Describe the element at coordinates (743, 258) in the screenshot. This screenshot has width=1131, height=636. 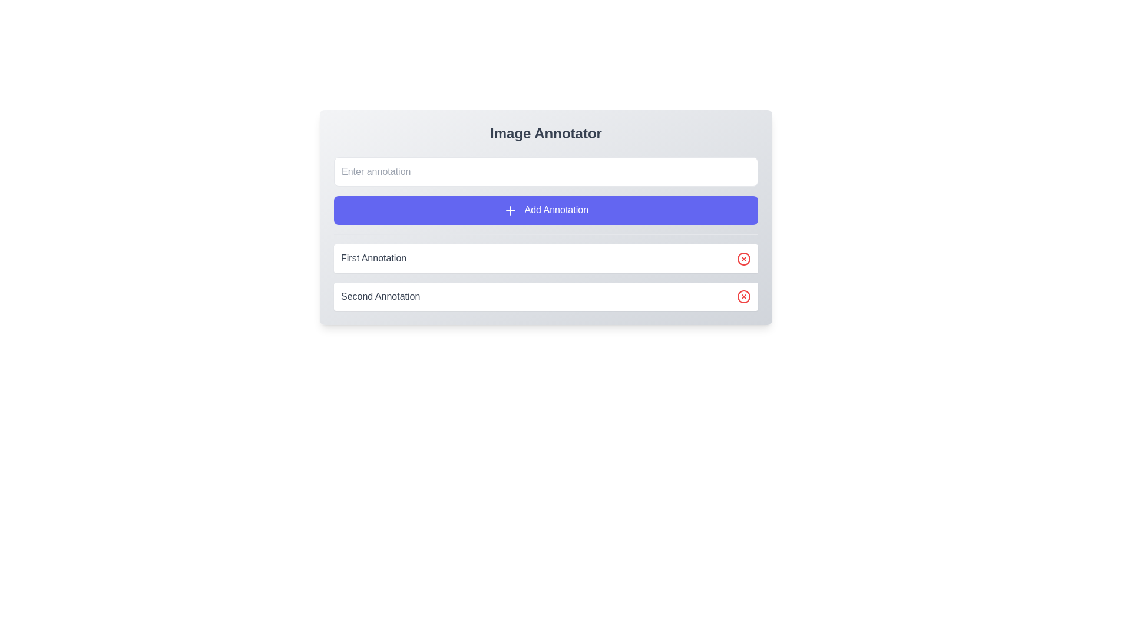
I see `the circular button with a red border and 'X' icon located at the end of the card labeled 'First Annotation' for tooltip or visual feedback` at that location.